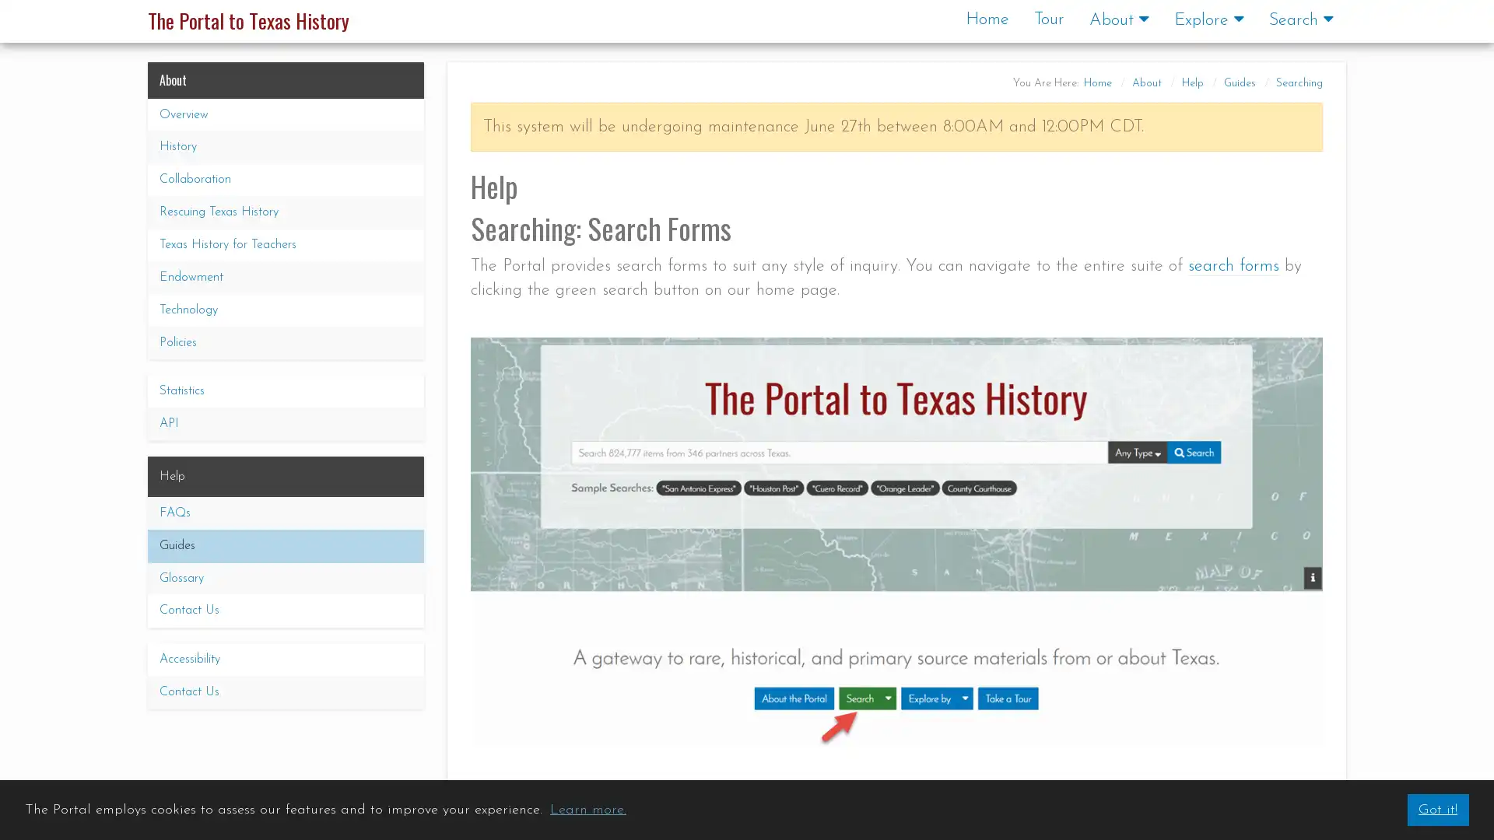  Describe the element at coordinates (1436, 809) in the screenshot. I see `dismiss cookie message` at that location.